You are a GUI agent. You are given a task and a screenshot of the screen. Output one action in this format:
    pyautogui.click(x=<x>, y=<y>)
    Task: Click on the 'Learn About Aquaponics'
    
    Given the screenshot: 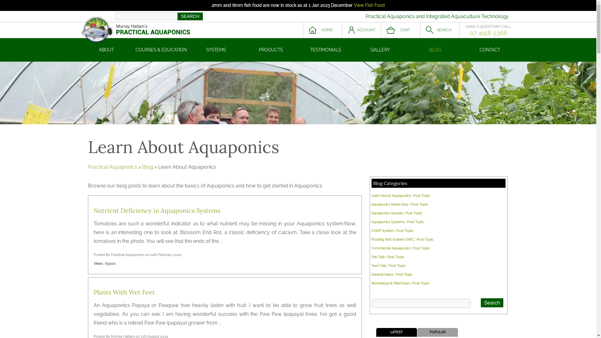 What is the action you would take?
    pyautogui.click(x=390, y=195)
    